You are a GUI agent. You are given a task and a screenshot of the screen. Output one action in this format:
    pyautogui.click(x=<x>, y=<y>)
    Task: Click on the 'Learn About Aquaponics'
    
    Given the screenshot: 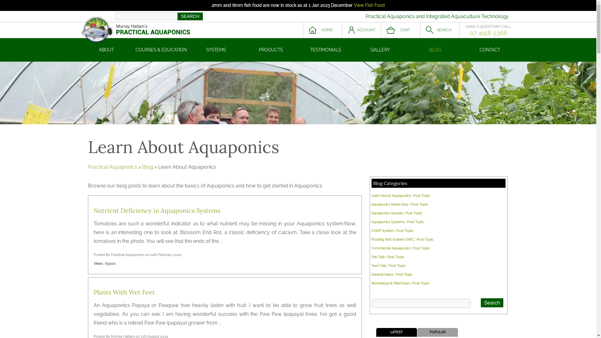 What is the action you would take?
    pyautogui.click(x=390, y=195)
    